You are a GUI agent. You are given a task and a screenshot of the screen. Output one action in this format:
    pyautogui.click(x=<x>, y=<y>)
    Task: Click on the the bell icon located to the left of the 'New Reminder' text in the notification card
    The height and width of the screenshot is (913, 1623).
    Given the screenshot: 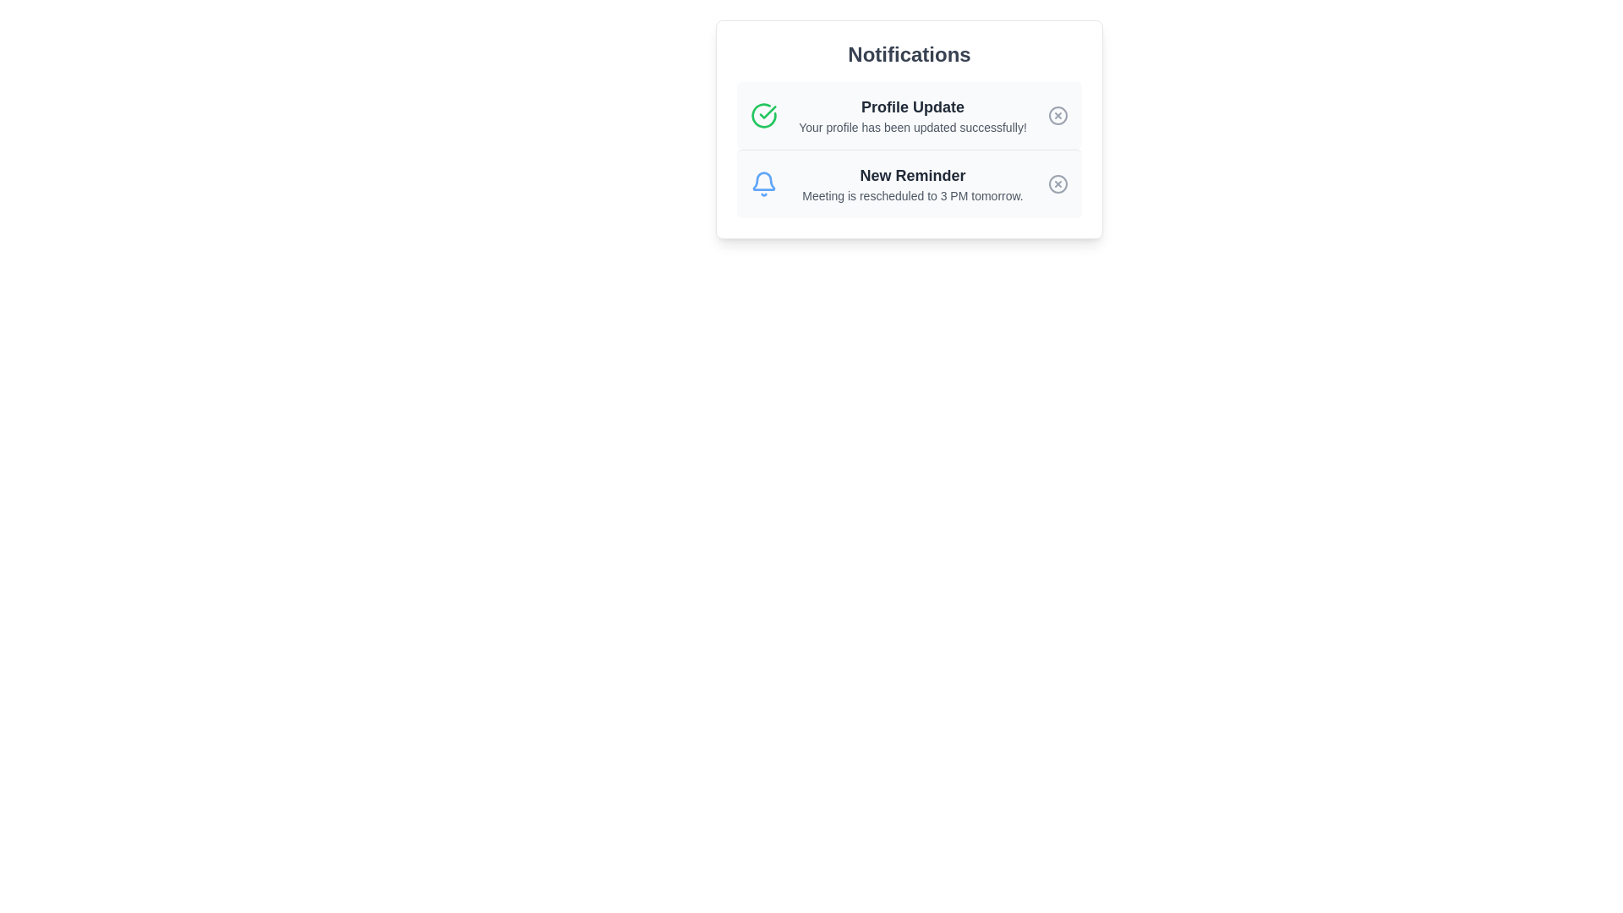 What is the action you would take?
    pyautogui.click(x=762, y=184)
    